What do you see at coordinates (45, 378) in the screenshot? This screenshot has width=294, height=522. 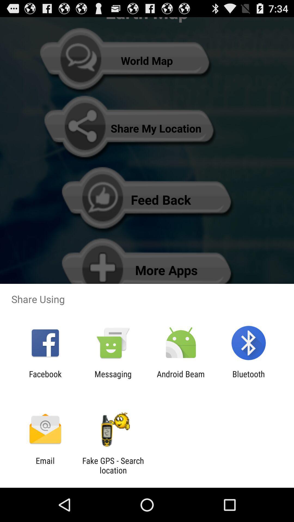 I see `item to the left of the messaging` at bounding box center [45, 378].